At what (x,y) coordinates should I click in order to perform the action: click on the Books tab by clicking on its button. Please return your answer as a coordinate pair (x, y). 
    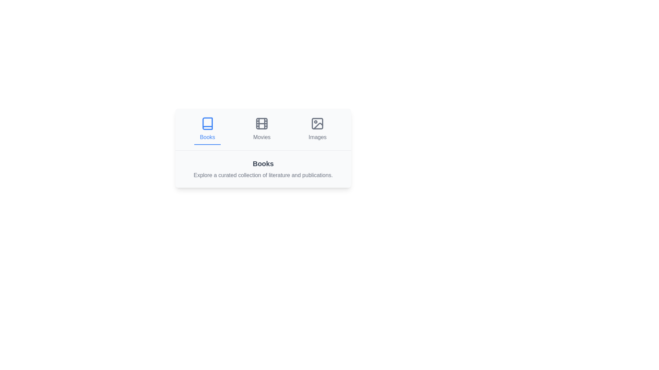
    Looking at the image, I should click on (207, 129).